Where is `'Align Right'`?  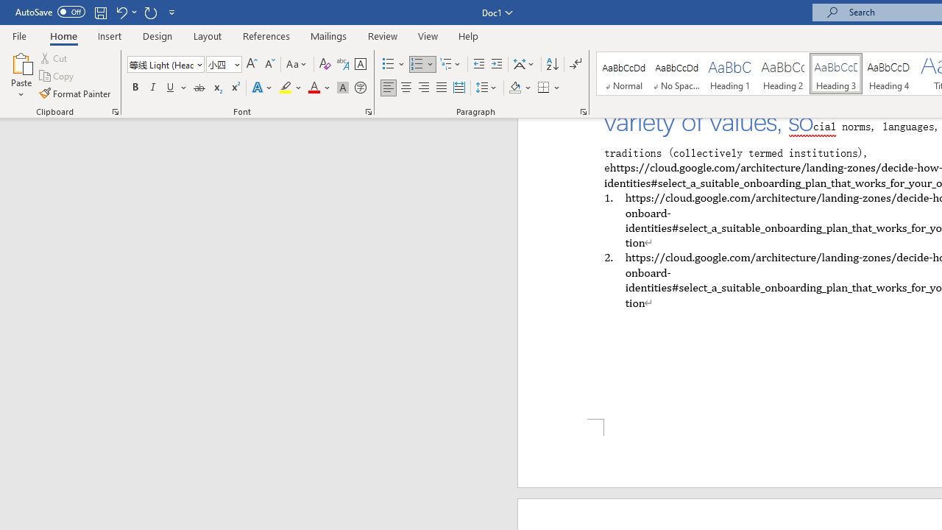 'Align Right' is located at coordinates (423, 88).